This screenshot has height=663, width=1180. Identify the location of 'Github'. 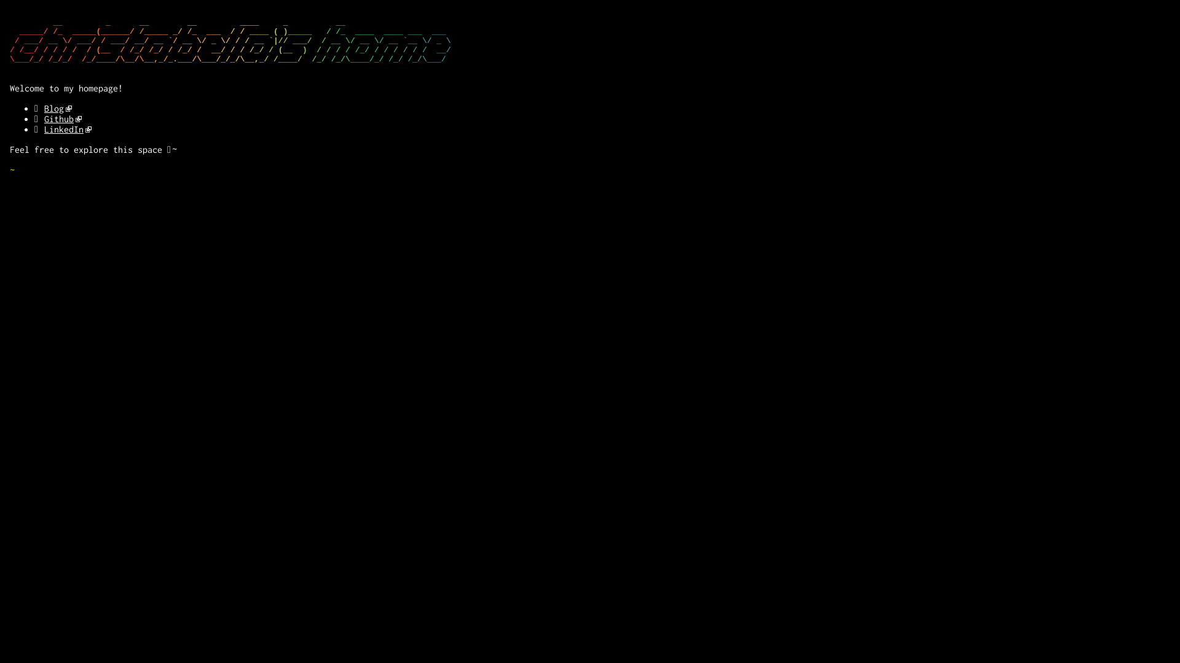
(62, 118).